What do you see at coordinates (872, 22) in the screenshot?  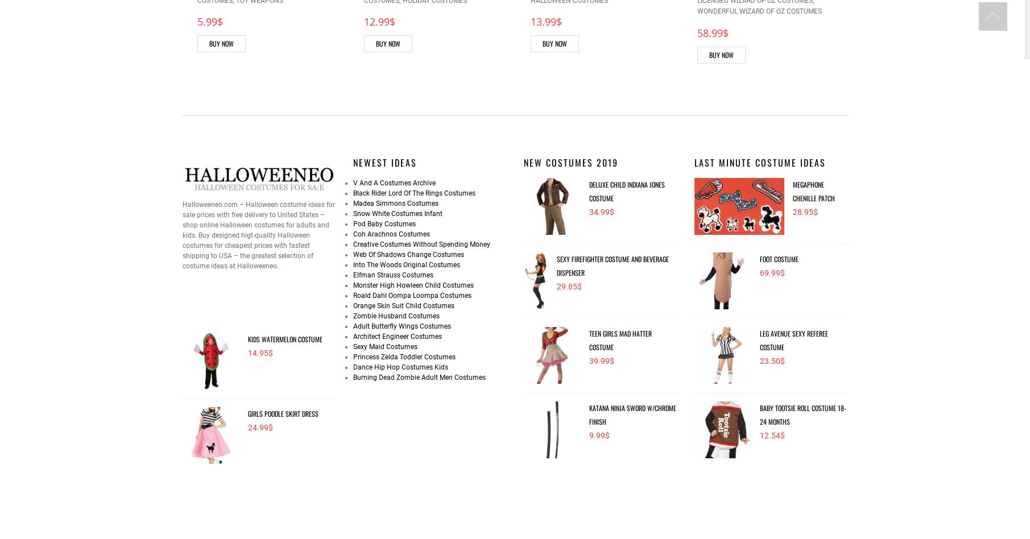 I see `'0.99'` at bounding box center [872, 22].